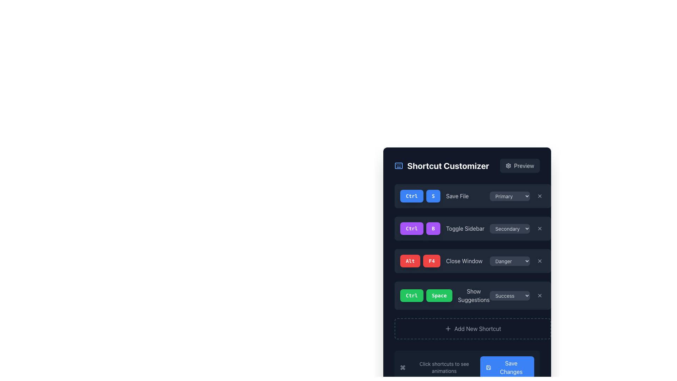 The image size is (677, 381). I want to click on the blue rectangular button with a bold white letter 'S' that is positioned to the immediate right of the 'Ctrl' button, so click(433, 196).